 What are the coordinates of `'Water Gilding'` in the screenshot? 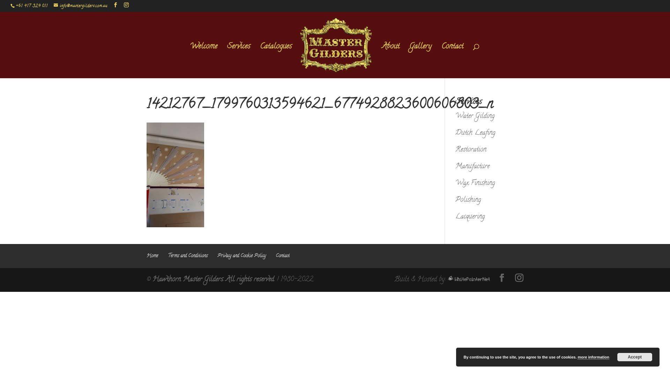 It's located at (455, 116).